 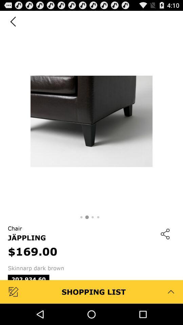 I want to click on the share icon, so click(x=165, y=250).